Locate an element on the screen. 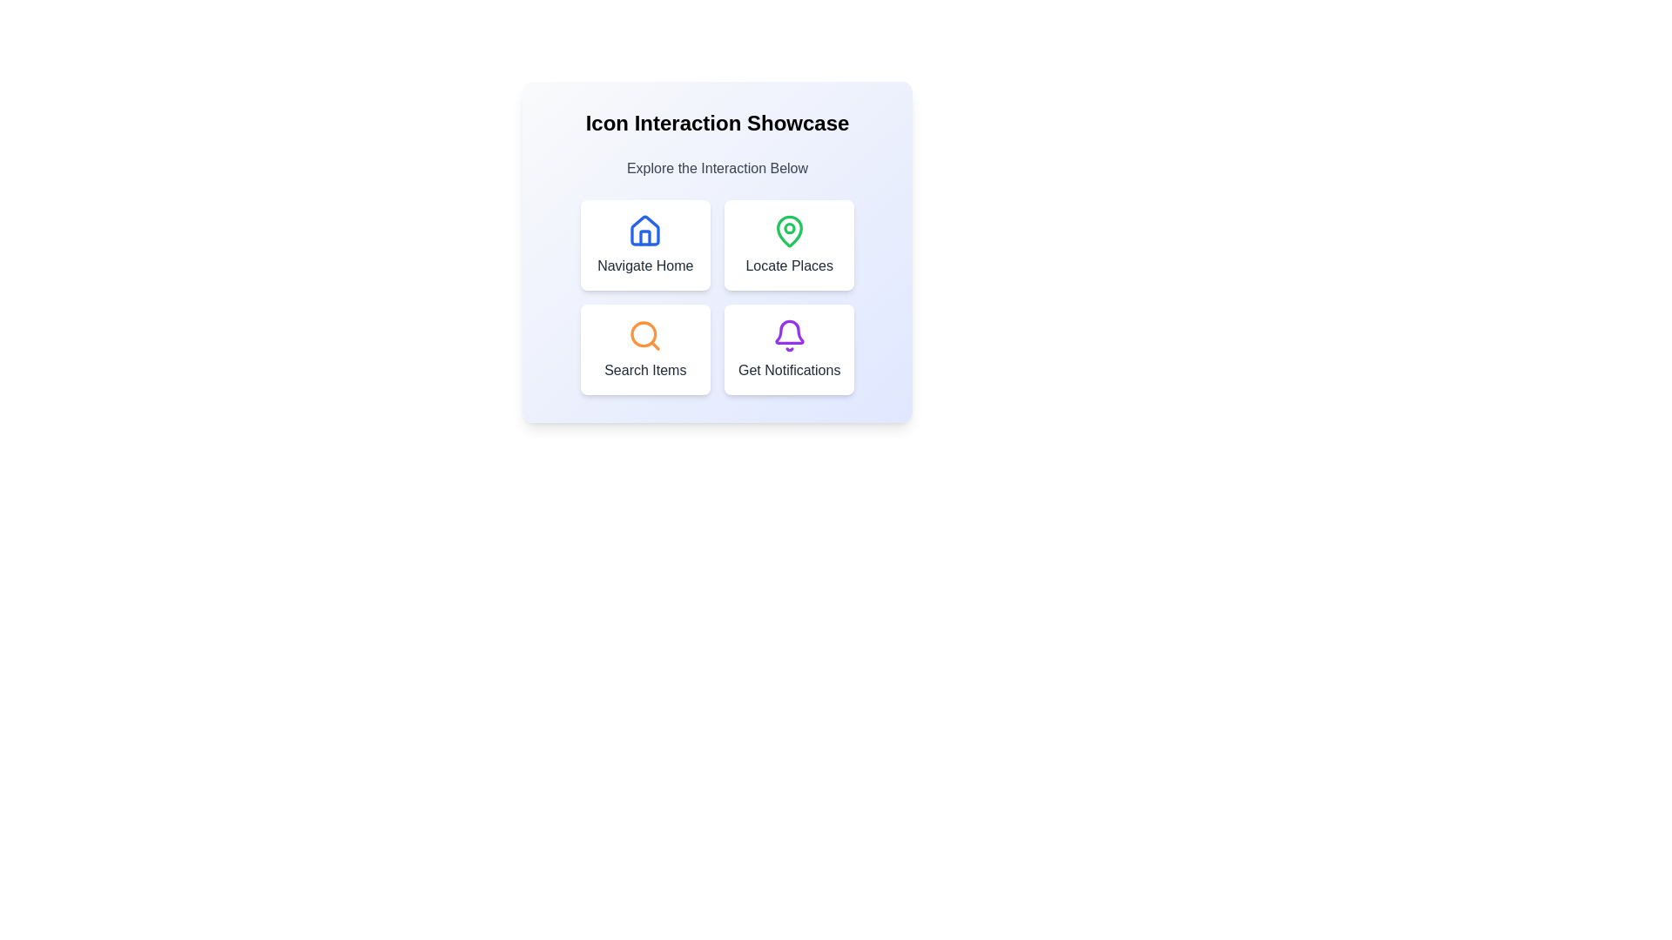  the blue house icon within the 'Navigate Home' card, which features a clean line drawing and is centrally positioned in the top-left card of a grid is located at coordinates (644, 231).